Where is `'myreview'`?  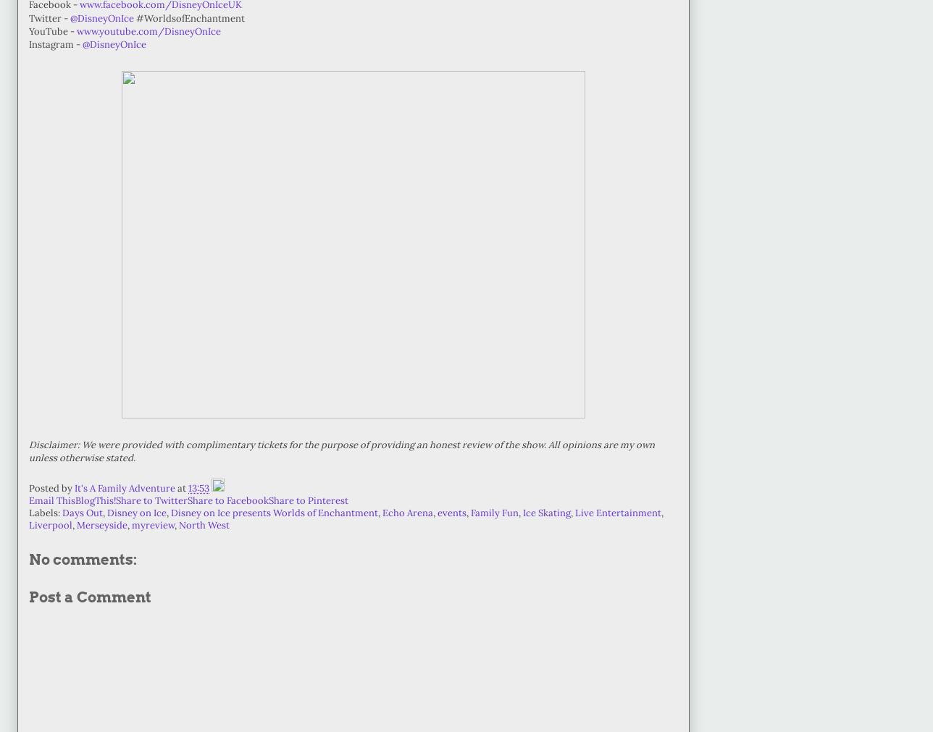 'myreview' is located at coordinates (131, 524).